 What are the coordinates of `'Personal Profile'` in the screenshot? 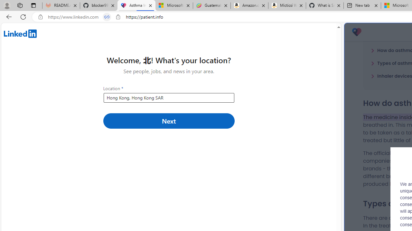 It's located at (7, 5).